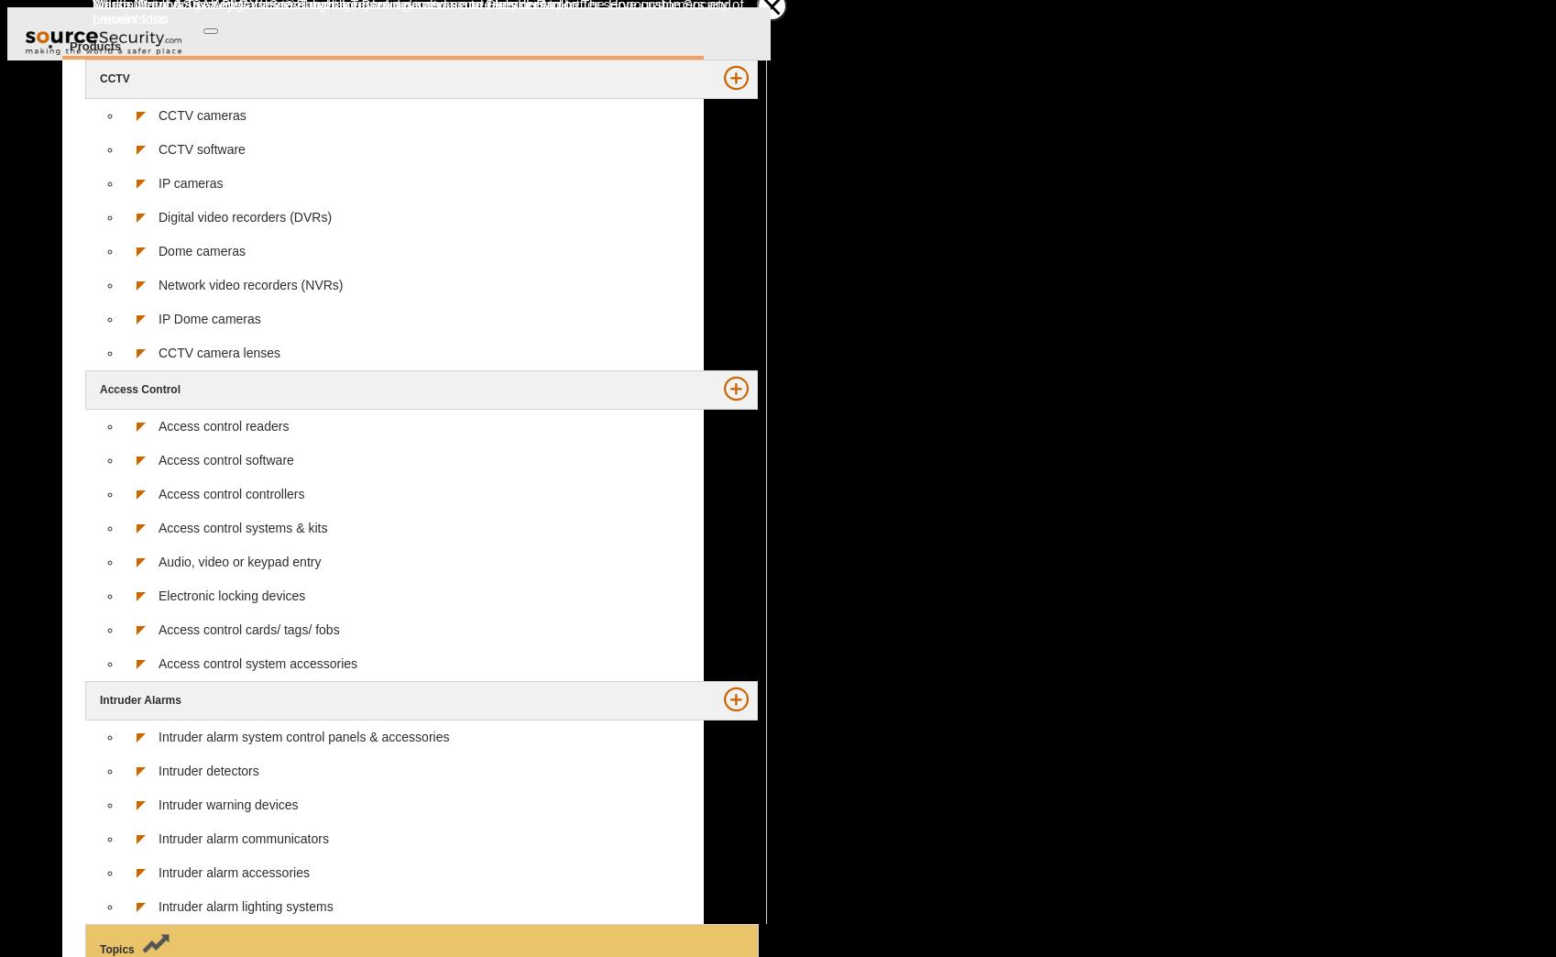  I want to click on 'Counter terror', so click(110, 223).